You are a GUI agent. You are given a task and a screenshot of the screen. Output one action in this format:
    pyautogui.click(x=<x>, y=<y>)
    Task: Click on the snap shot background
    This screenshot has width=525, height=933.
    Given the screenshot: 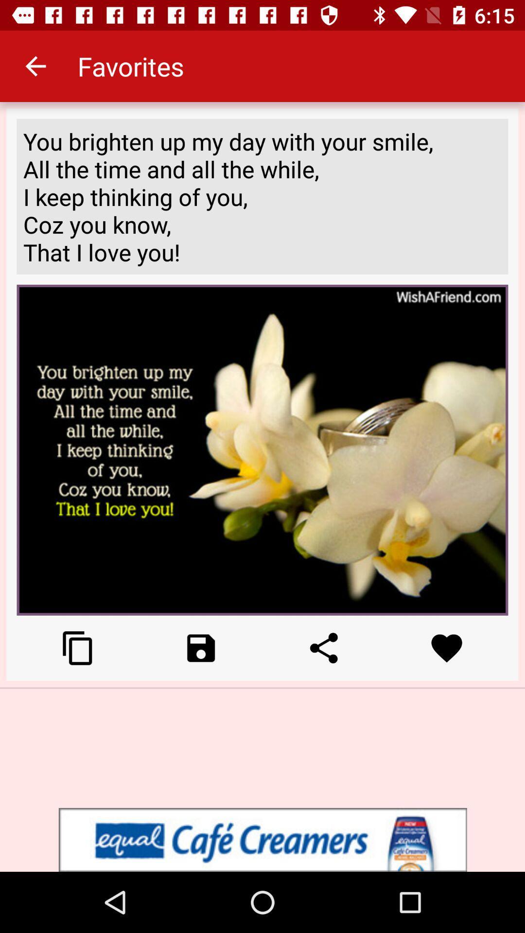 What is the action you would take?
    pyautogui.click(x=77, y=648)
    